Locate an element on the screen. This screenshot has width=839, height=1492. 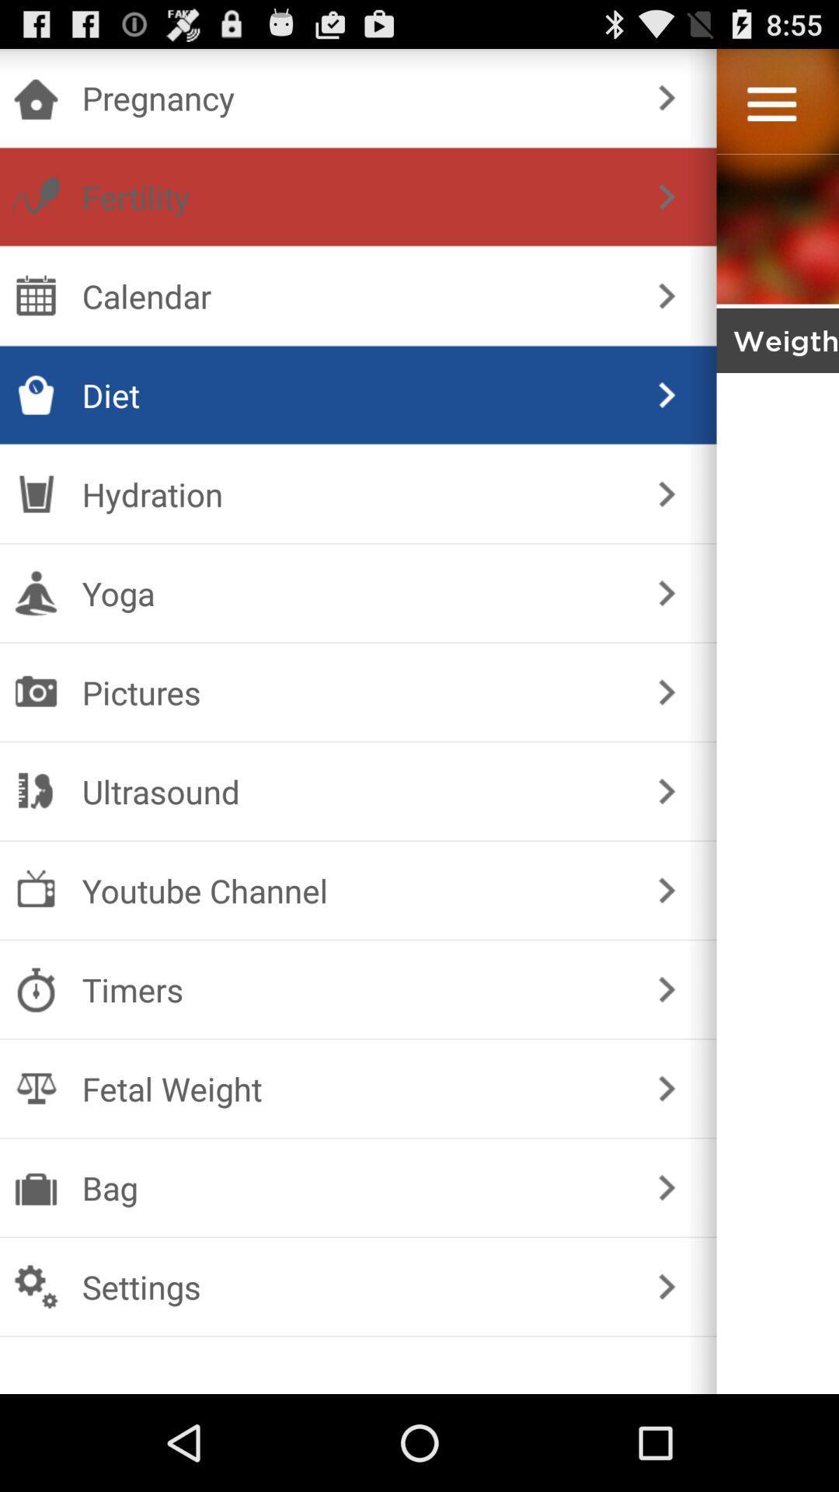
the item above the yoga checkbox is located at coordinates (666, 493).